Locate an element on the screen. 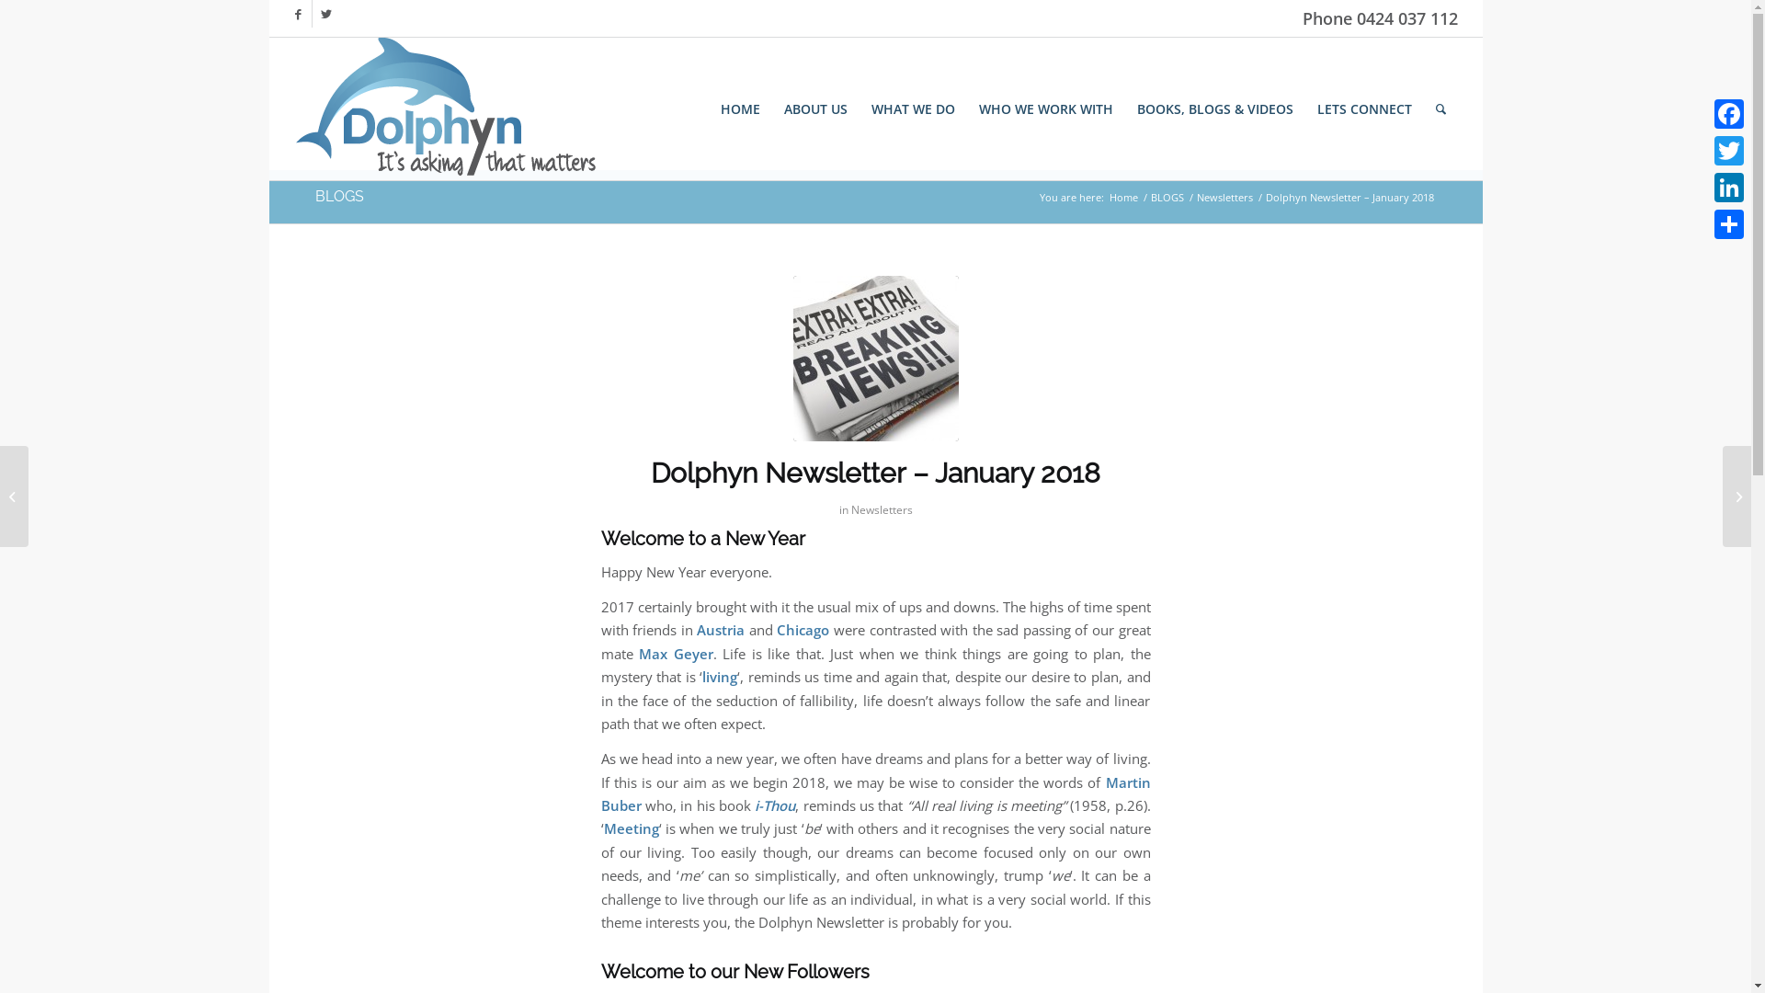 The image size is (1765, 993). 'WHAT WE DO' is located at coordinates (913, 108).